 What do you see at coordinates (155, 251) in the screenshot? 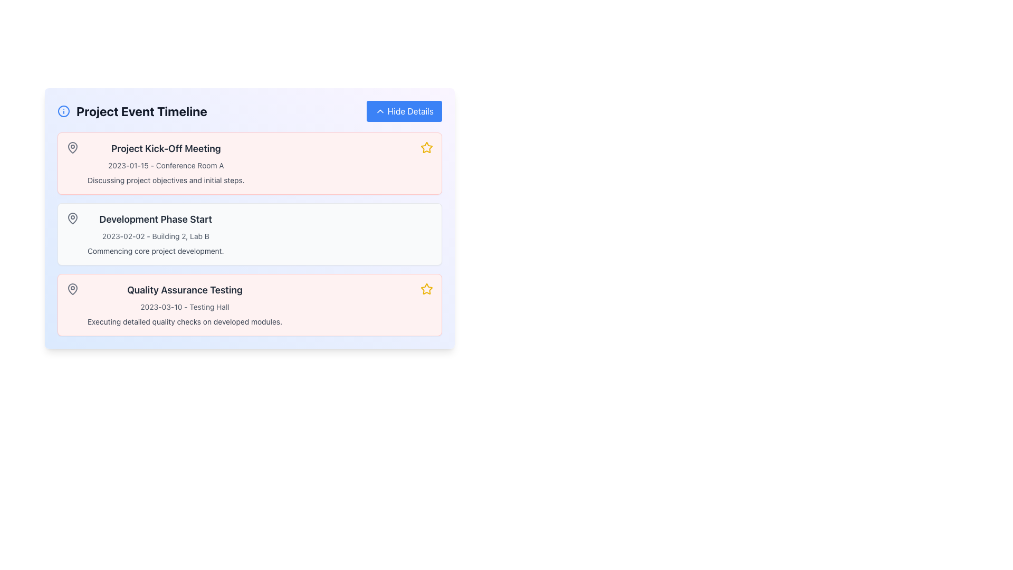
I see `the static text element that provides details related to the development phase, positioned below the 'Development Phase Start' header and the date and location text` at bounding box center [155, 251].